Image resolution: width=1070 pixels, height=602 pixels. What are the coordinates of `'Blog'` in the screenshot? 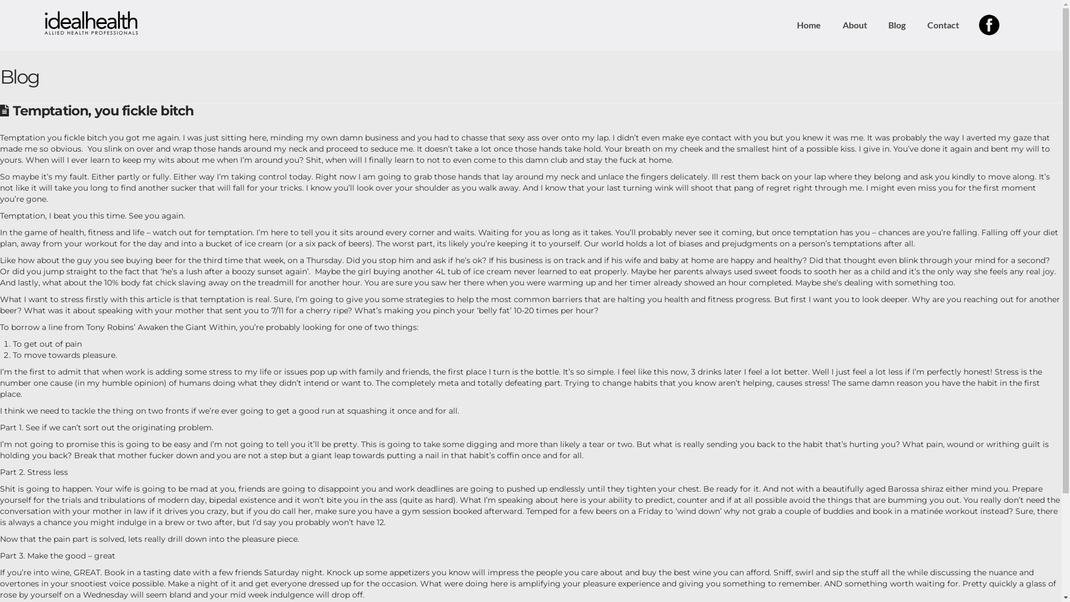 It's located at (896, 25).